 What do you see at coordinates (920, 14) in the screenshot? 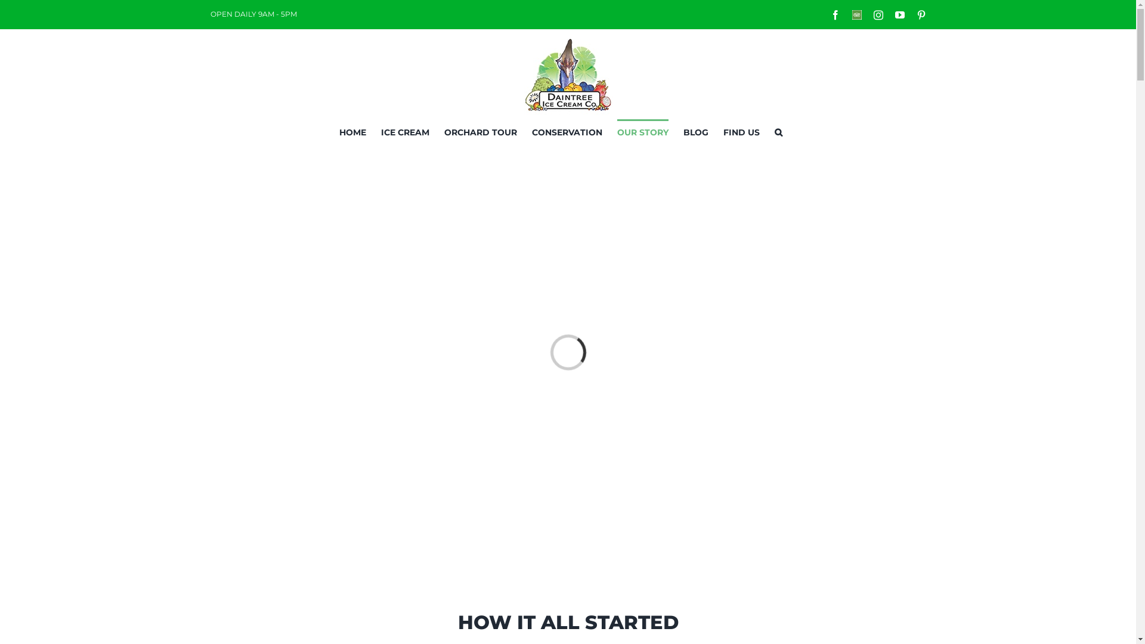
I see `'Pinterest'` at bounding box center [920, 14].